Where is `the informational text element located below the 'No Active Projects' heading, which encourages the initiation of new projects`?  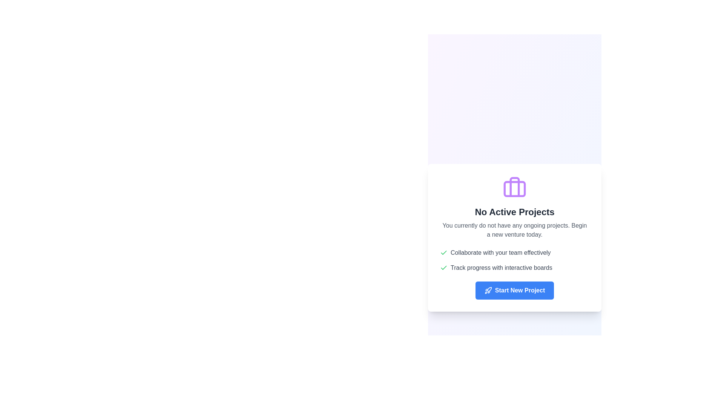
the informational text element located below the 'No Active Projects' heading, which encourages the initiation of new projects is located at coordinates (514, 230).